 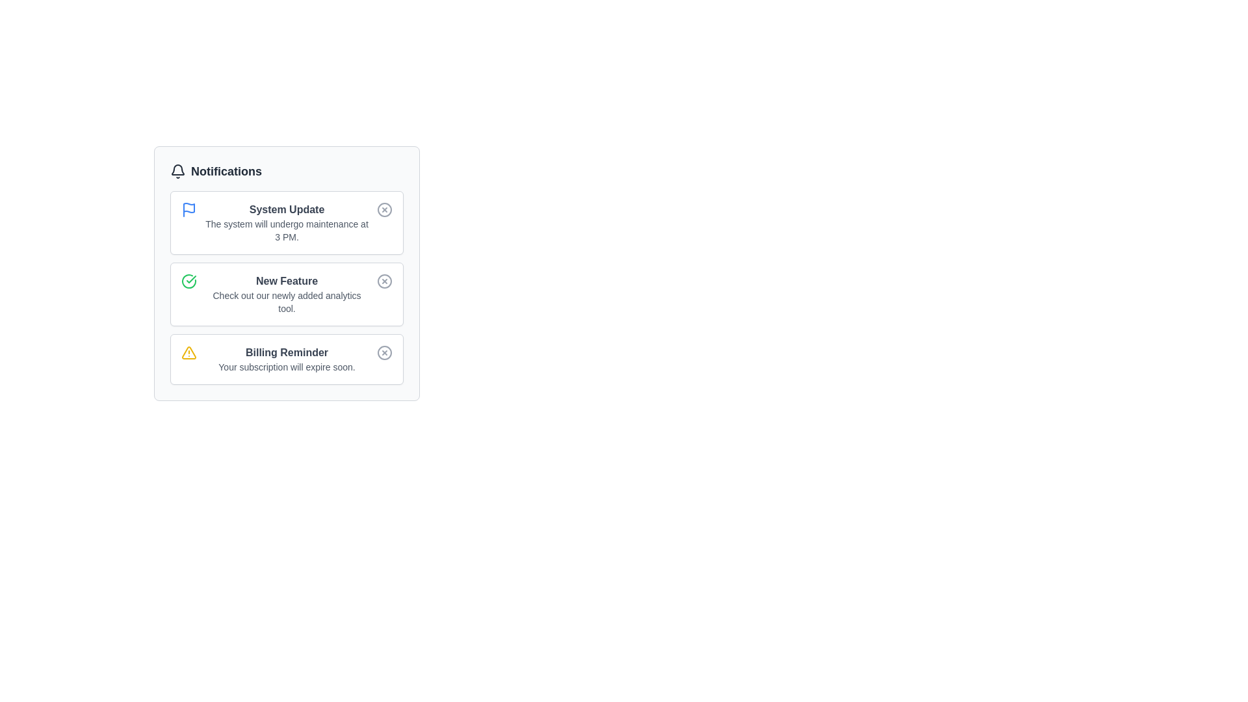 I want to click on the 'System Update' notification icon located at the top-left corner of the notification card, so click(x=188, y=209).